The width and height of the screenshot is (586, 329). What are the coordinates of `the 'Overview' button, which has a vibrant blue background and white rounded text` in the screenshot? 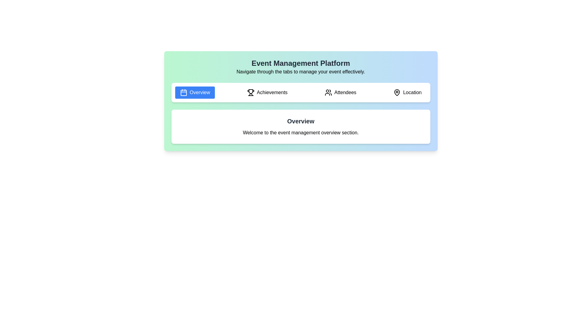 It's located at (194, 93).